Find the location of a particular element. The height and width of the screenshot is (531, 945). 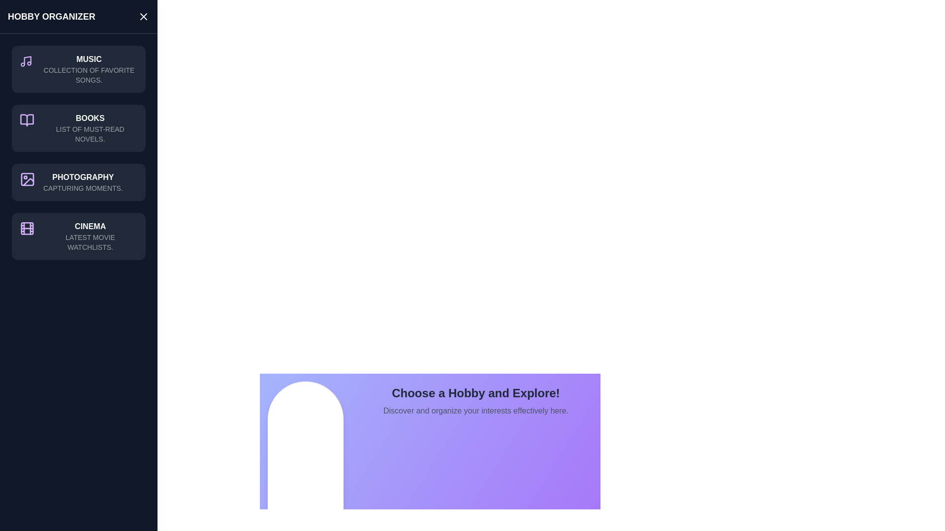

the Music hobby category in the list is located at coordinates (78, 69).